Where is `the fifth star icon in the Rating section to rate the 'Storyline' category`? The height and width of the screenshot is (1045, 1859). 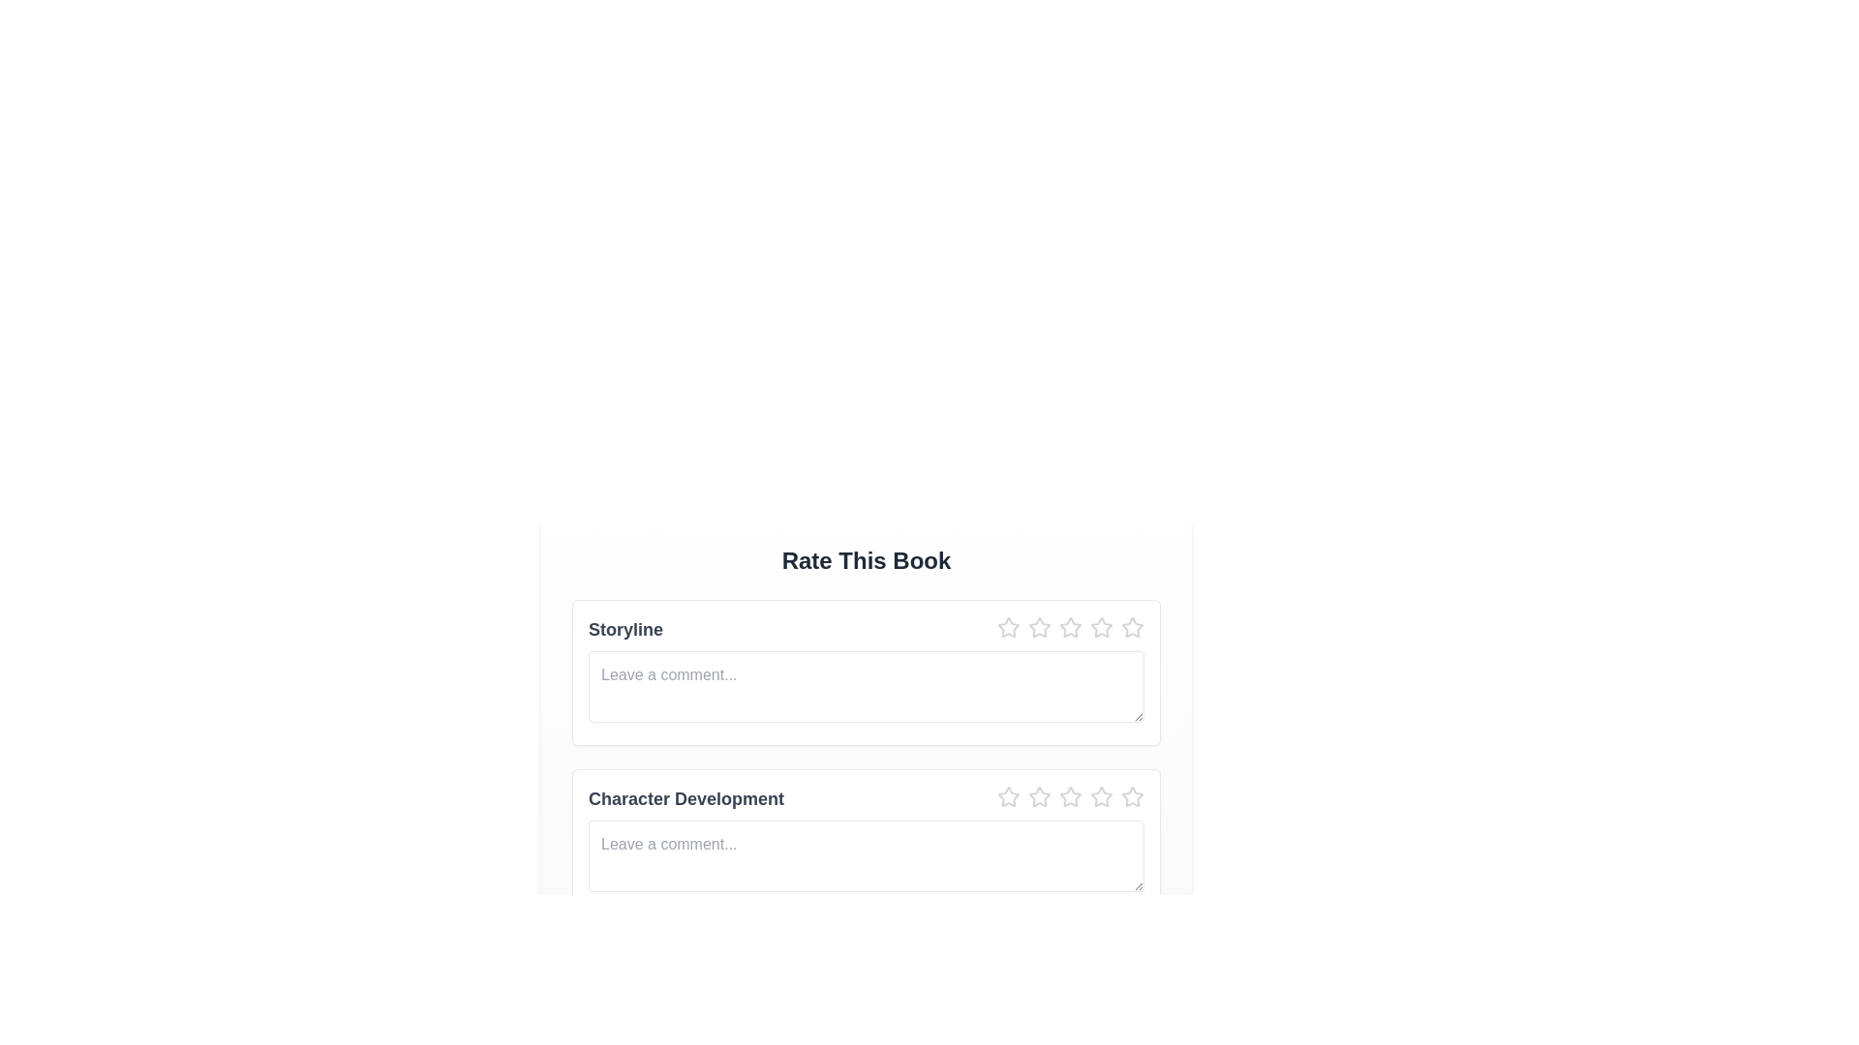
the fifth star icon in the Rating section to rate the 'Storyline' category is located at coordinates (1039, 627).